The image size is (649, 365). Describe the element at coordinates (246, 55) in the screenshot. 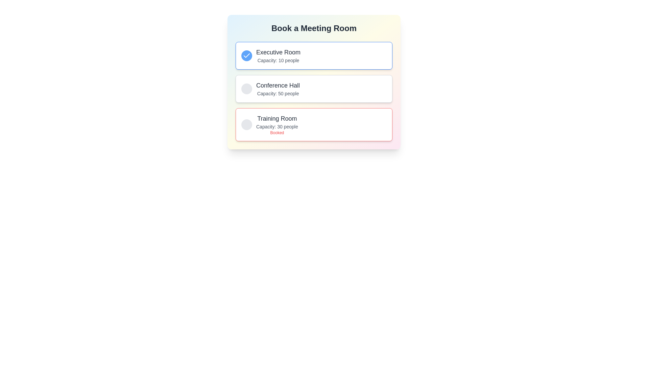

I see `the blue circular icon with a white checkmark symbol` at that location.